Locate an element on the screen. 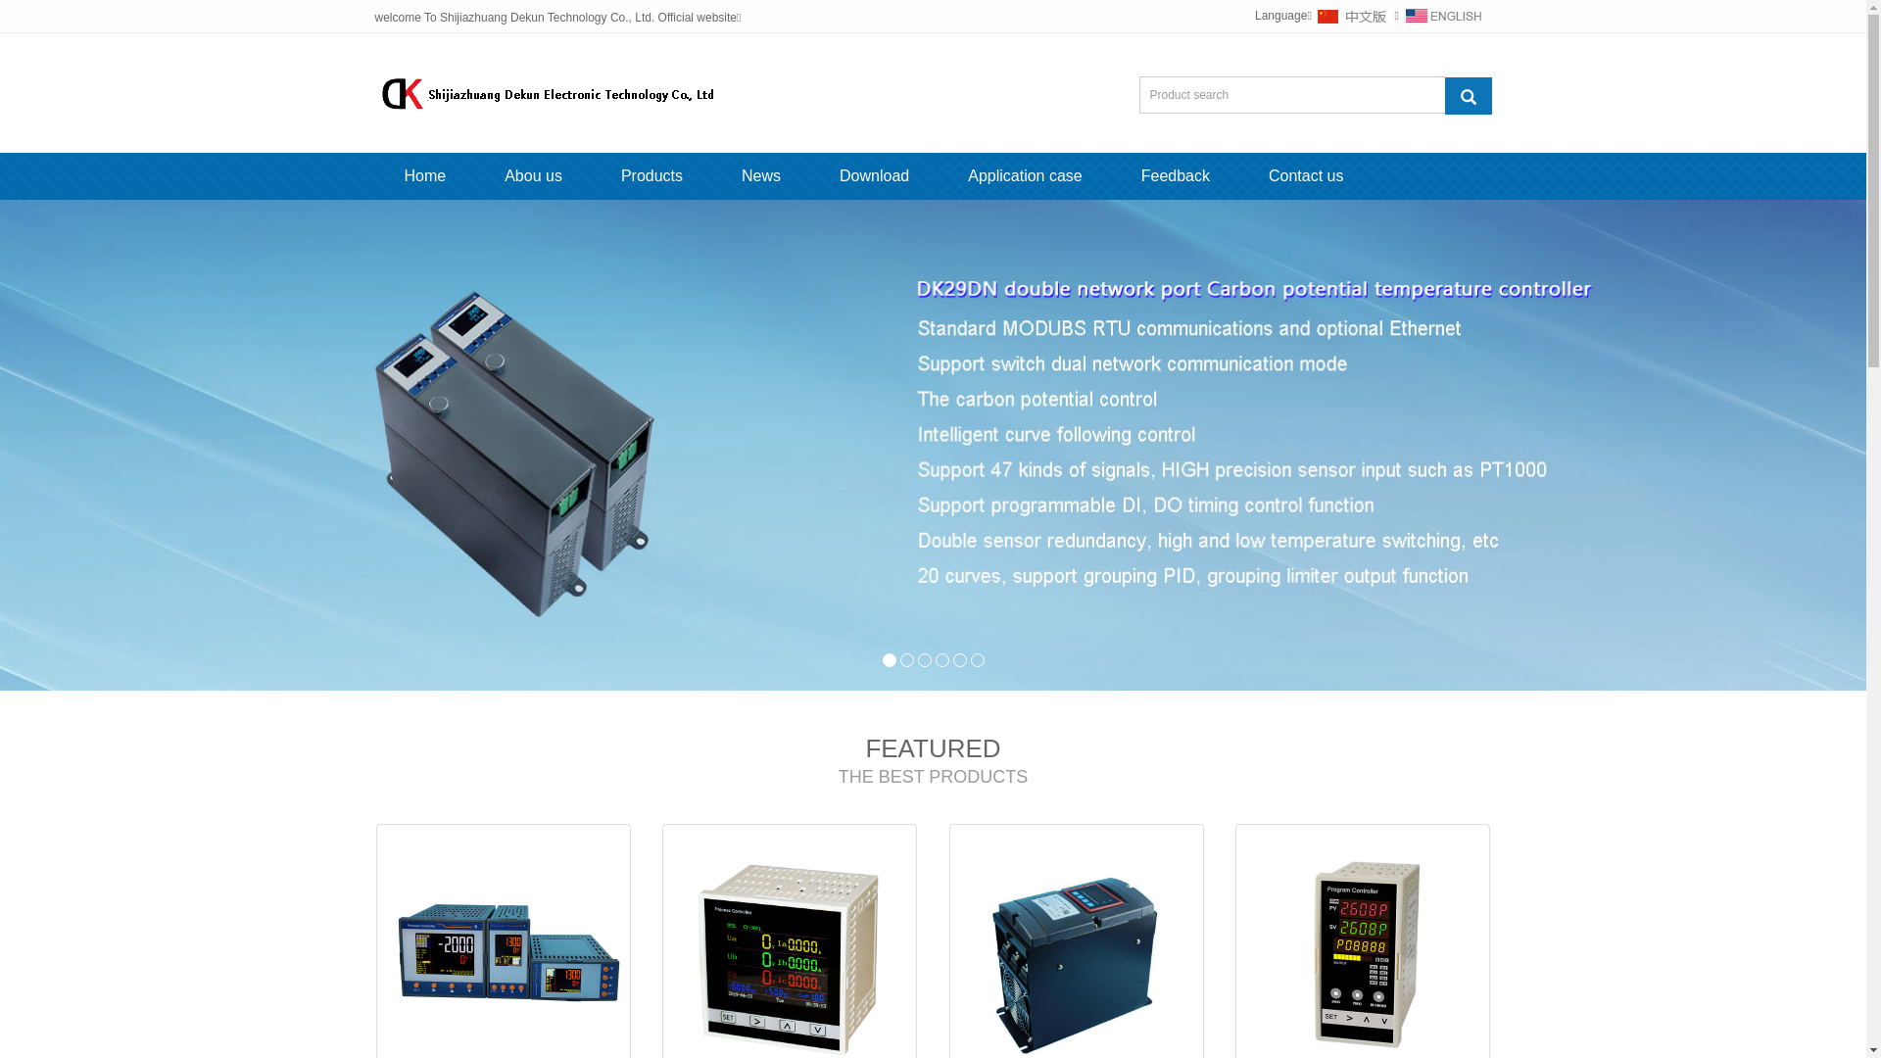 The width and height of the screenshot is (1881, 1058). '4' is located at coordinates (940, 660).